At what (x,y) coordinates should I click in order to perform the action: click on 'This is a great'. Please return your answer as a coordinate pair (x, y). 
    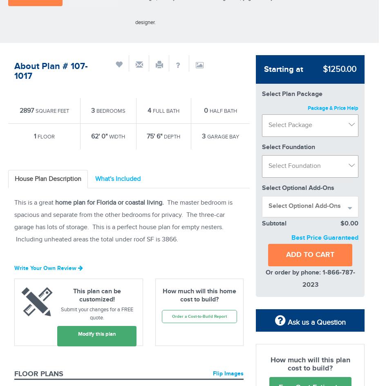
    Looking at the image, I should click on (34, 202).